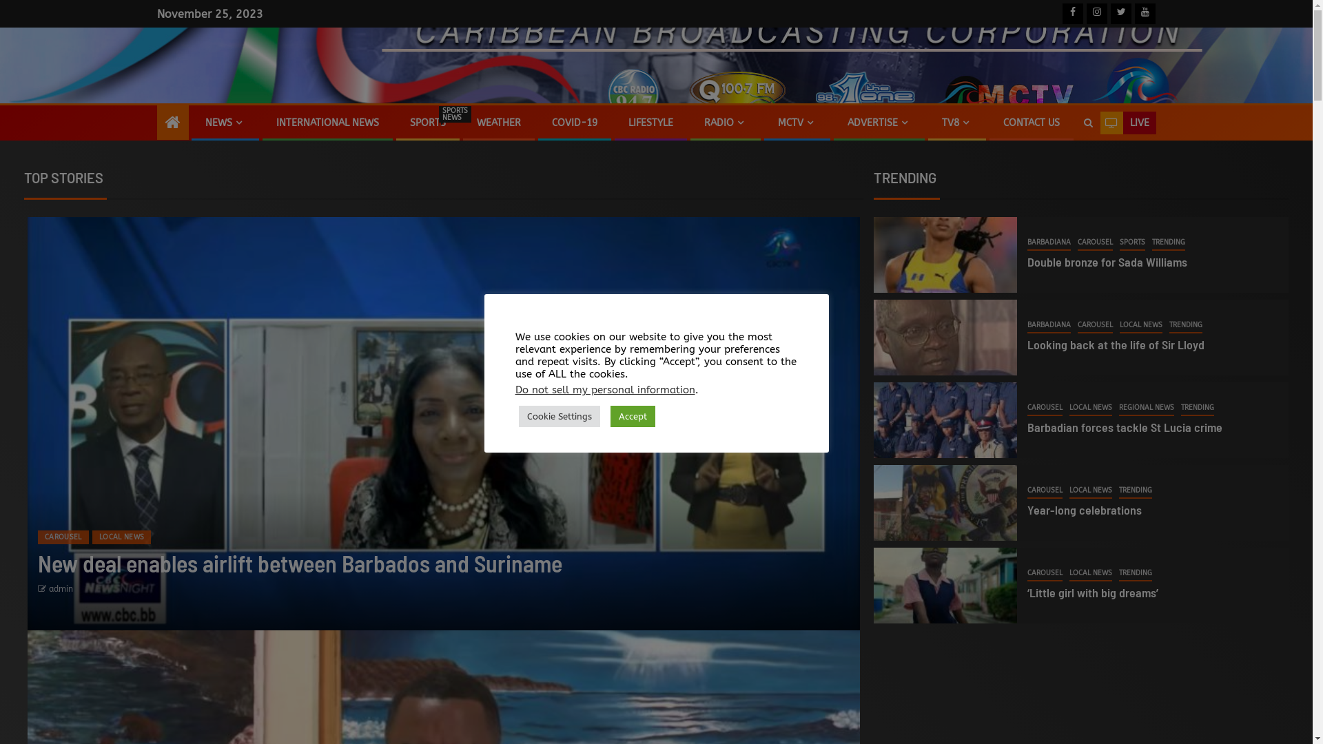 The image size is (1323, 744). I want to click on 'CAROUSEL', so click(1027, 408).